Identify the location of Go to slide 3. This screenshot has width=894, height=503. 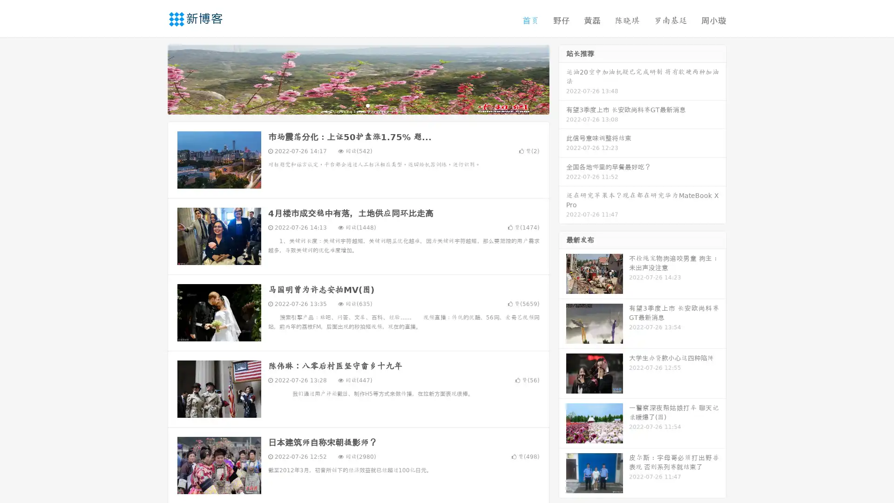
(367, 105).